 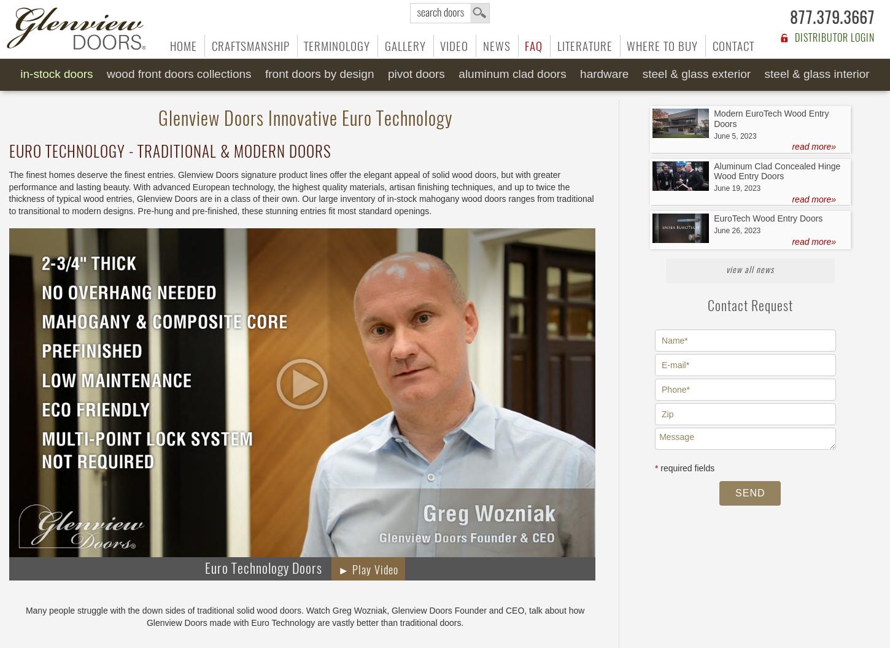 I want to click on 'Sliding Barn', so click(x=659, y=129).